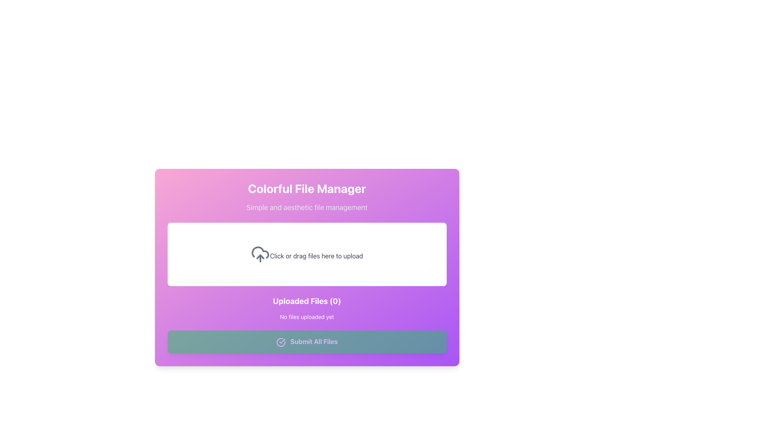 The height and width of the screenshot is (428, 761). What do you see at coordinates (281, 342) in the screenshot?
I see `the visual indicator icon that confirms the completion related to the 'Submit All Files' button, which is centered to the left of the button text` at bounding box center [281, 342].